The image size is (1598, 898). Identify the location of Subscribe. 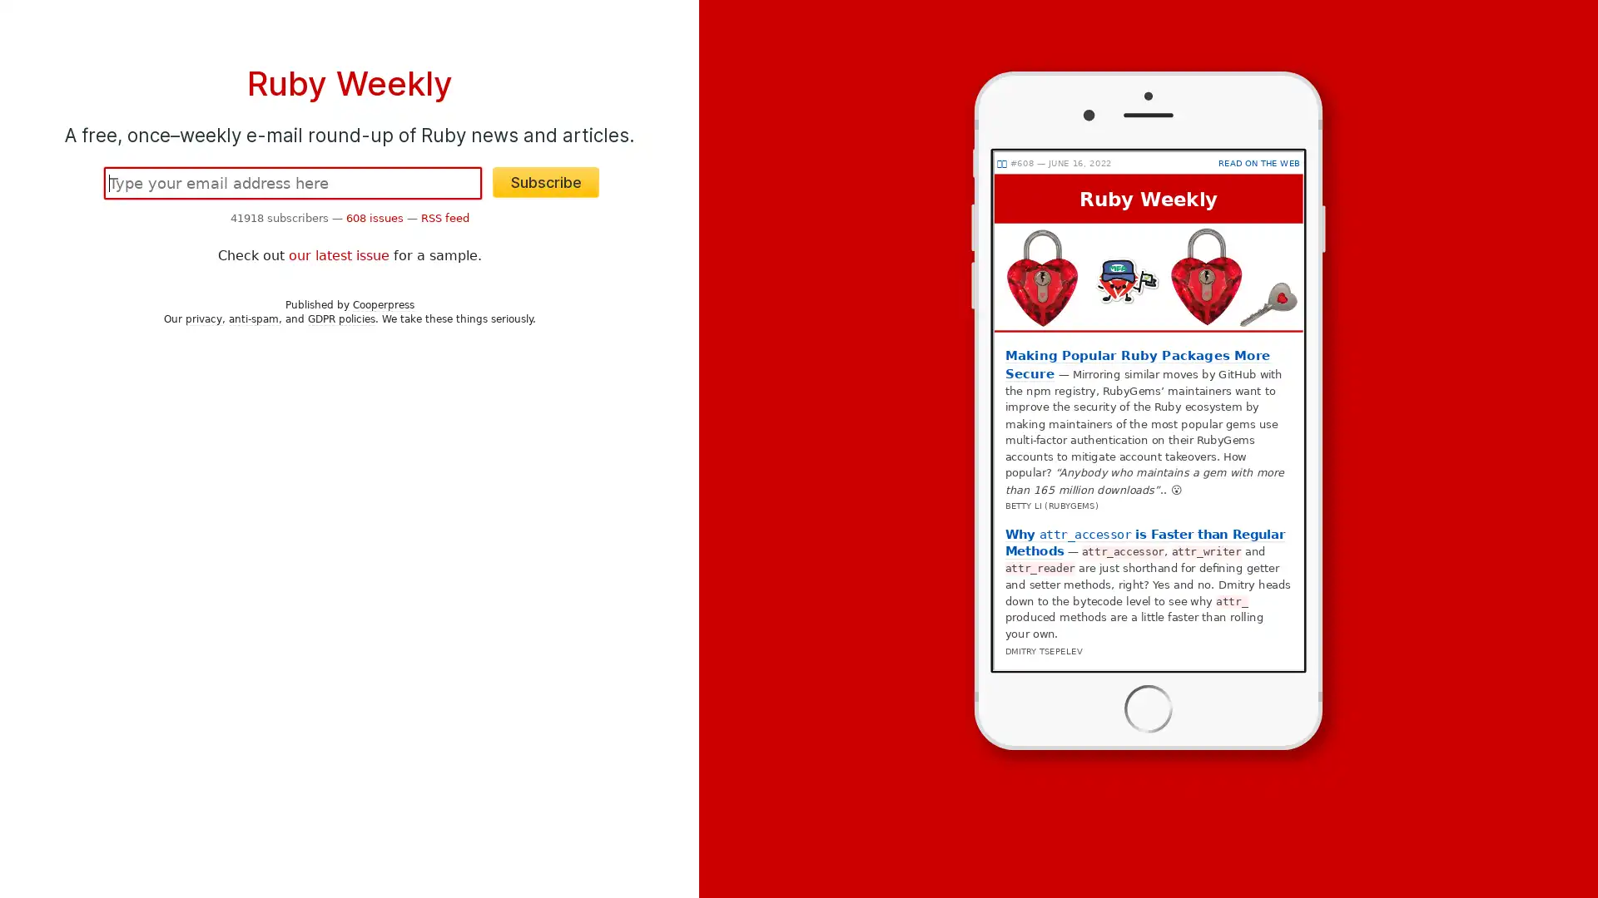
(546, 182).